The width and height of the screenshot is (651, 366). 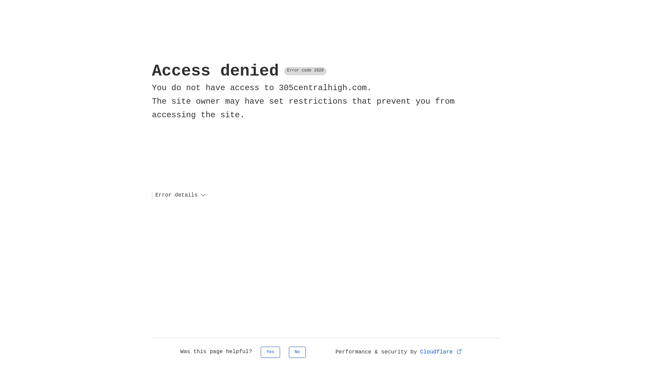 What do you see at coordinates (270, 352) in the screenshot?
I see `'Yes'` at bounding box center [270, 352].